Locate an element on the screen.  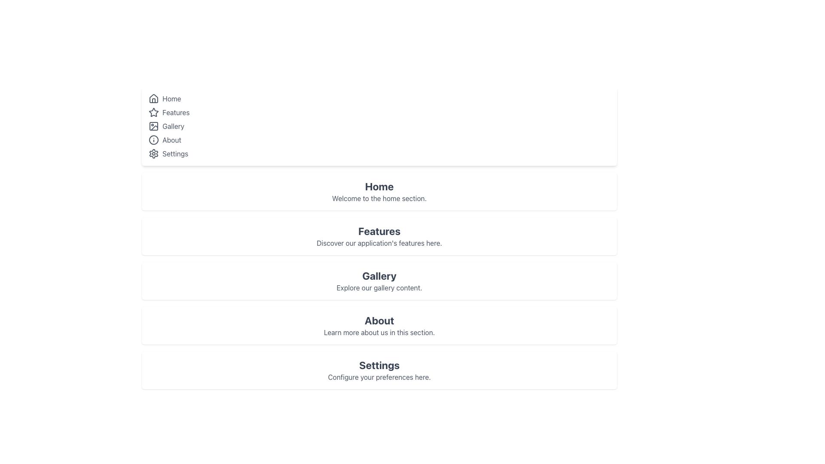
the Informative Section located at the bottom of the vertically stacked list of sections, which includes 'Home', 'Features', 'Gallery', and 'About' is located at coordinates (379, 369).